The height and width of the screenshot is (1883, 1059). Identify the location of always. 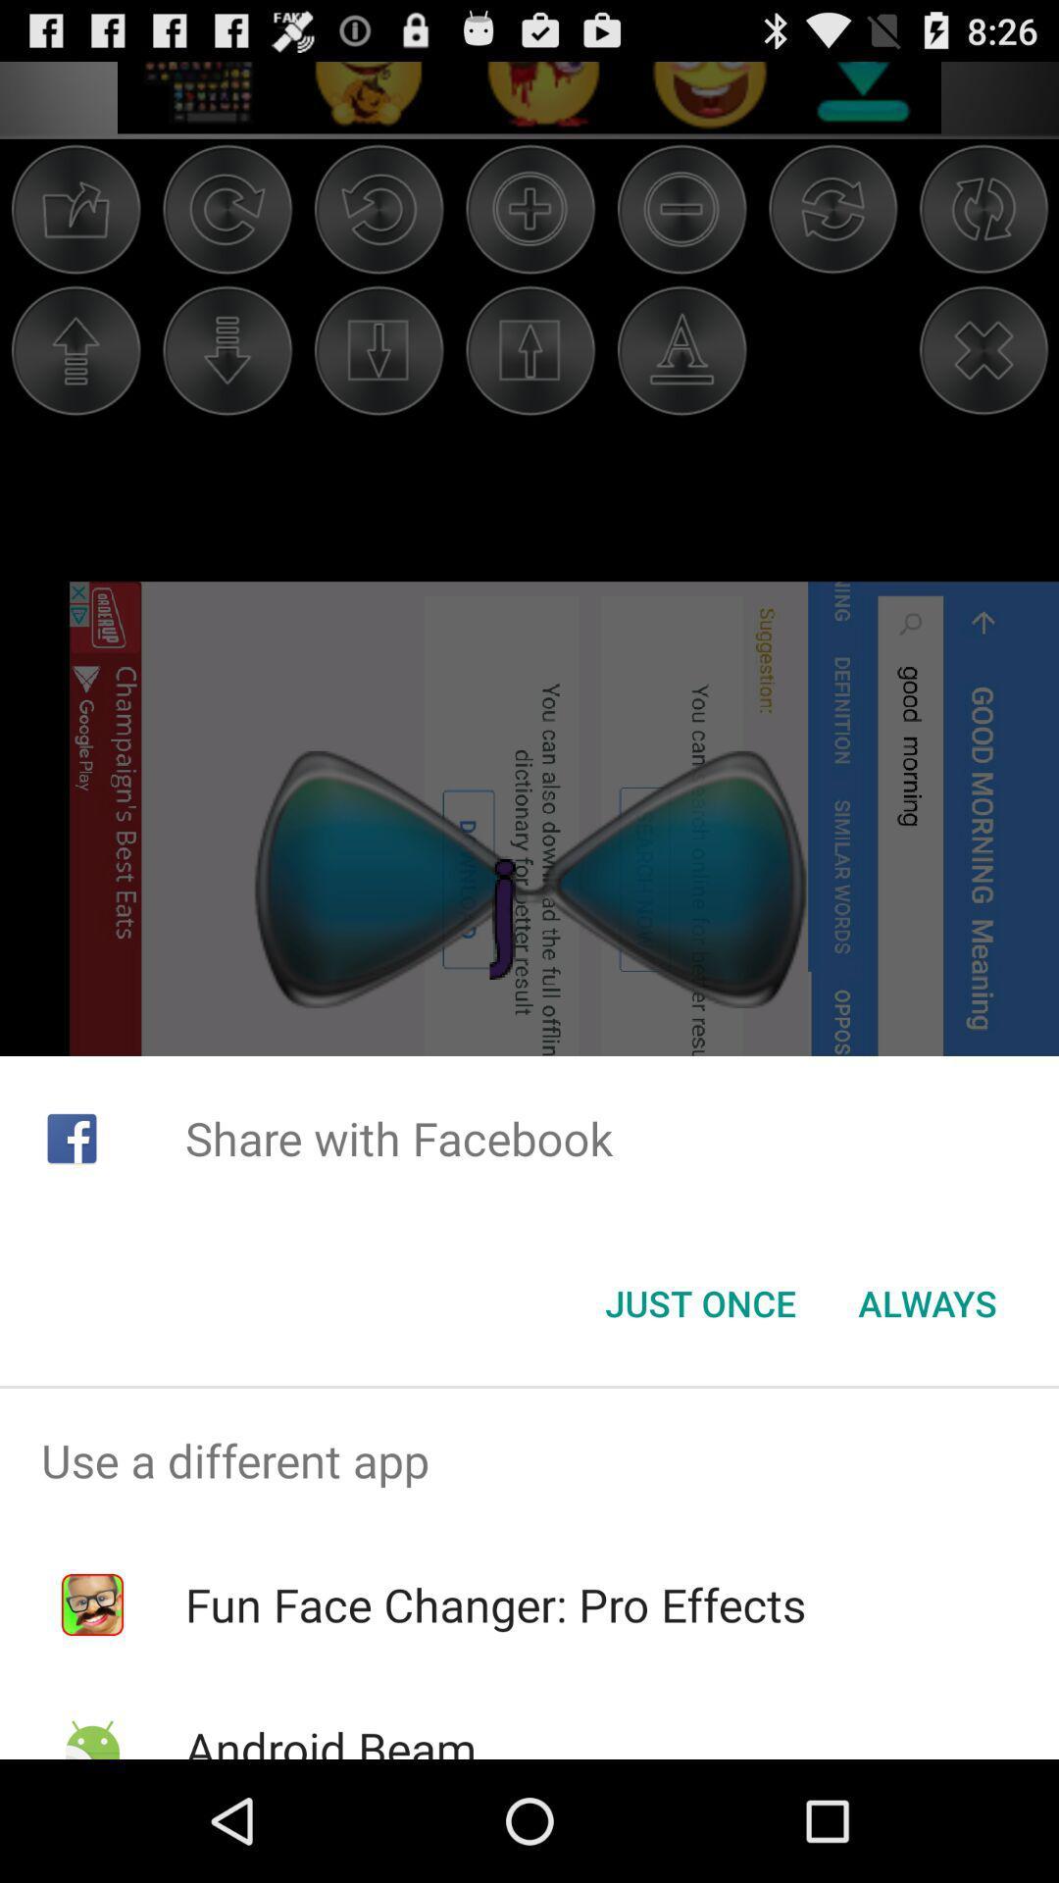
(927, 1303).